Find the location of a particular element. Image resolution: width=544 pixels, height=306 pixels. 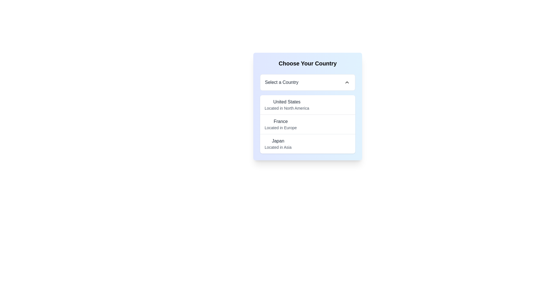

the selectable list item for 'Japan' in the dropdown menu titled 'Choose Your Country' is located at coordinates (278, 144).